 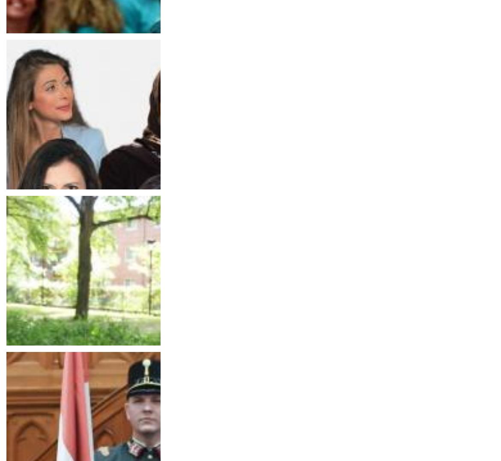 What do you see at coordinates (38, 215) in the screenshot?
I see `'The North West Star'` at bounding box center [38, 215].